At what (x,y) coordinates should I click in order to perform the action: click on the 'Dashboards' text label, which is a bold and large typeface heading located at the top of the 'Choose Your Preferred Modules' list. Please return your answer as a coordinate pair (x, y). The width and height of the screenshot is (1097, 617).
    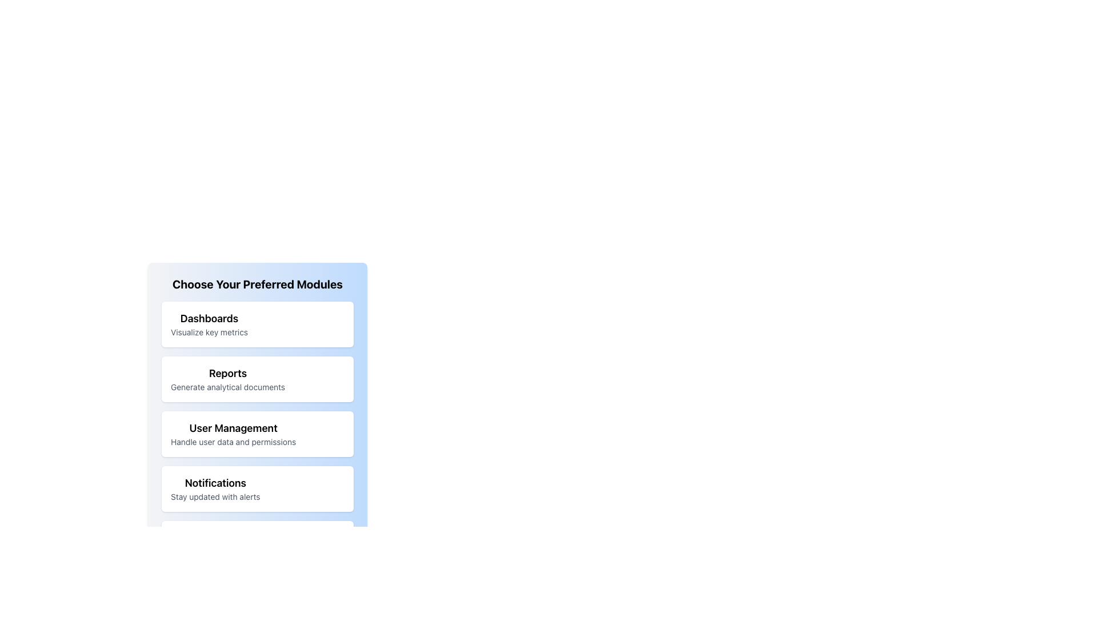
    Looking at the image, I should click on (209, 319).